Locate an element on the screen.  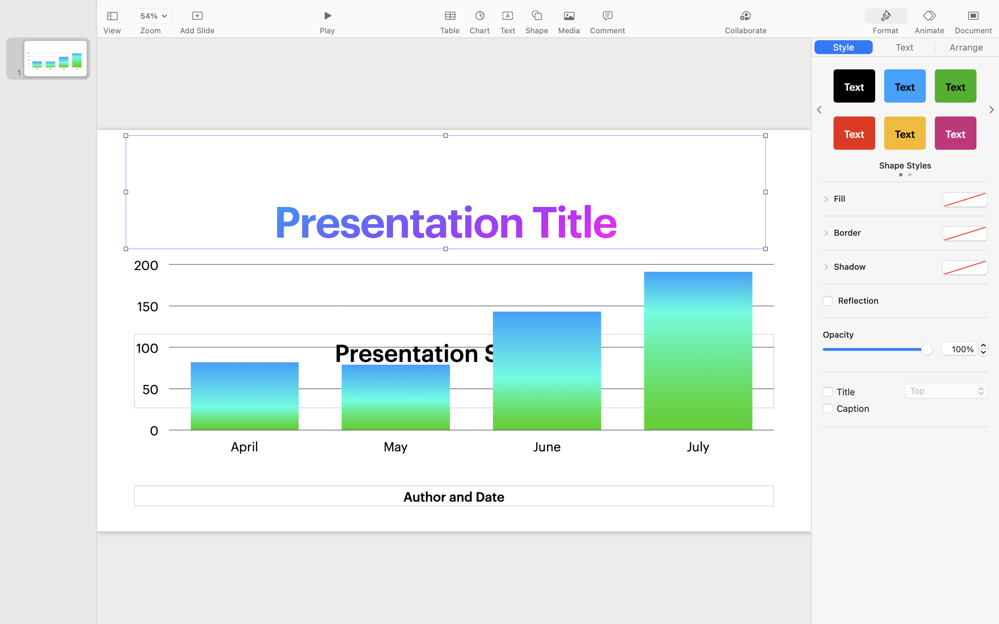
'Shape Styles' is located at coordinates (904, 165).